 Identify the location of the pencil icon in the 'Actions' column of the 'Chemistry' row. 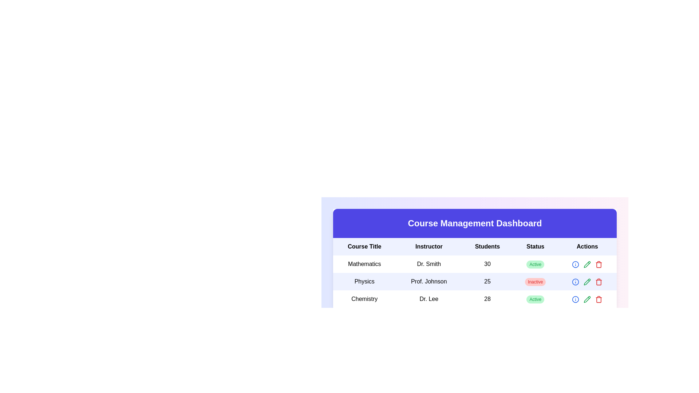
(587, 299).